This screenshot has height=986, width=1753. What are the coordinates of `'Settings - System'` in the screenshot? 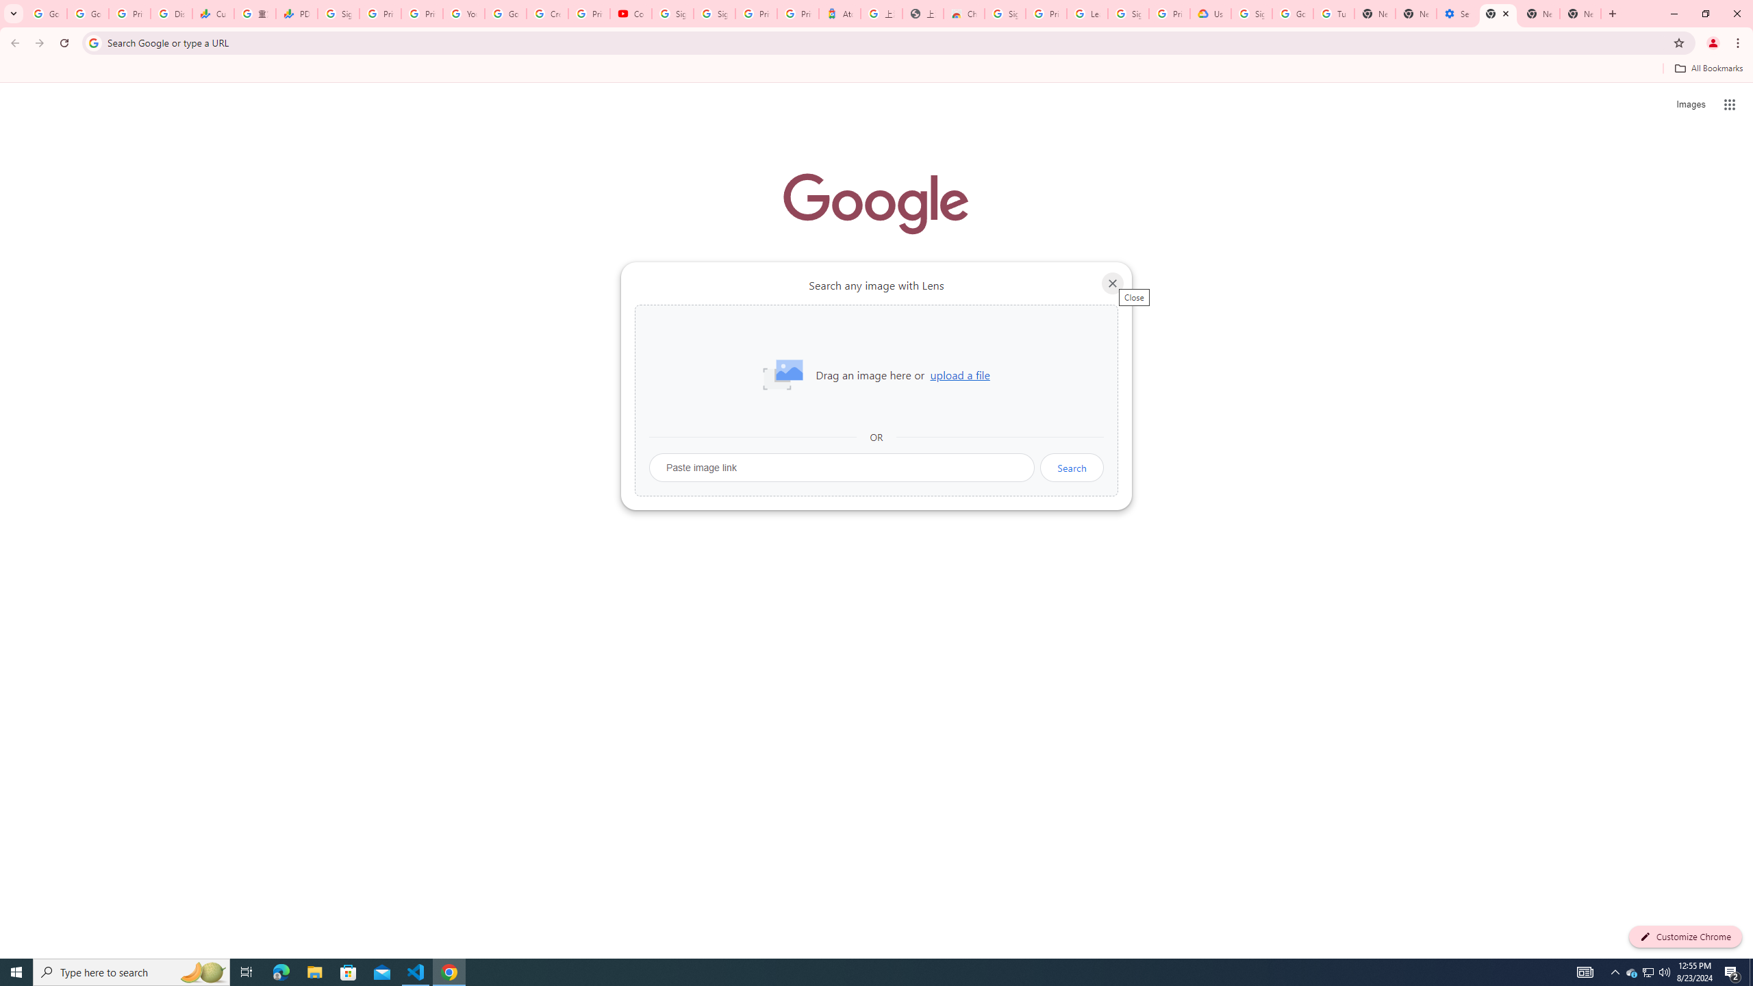 It's located at (1456, 13).